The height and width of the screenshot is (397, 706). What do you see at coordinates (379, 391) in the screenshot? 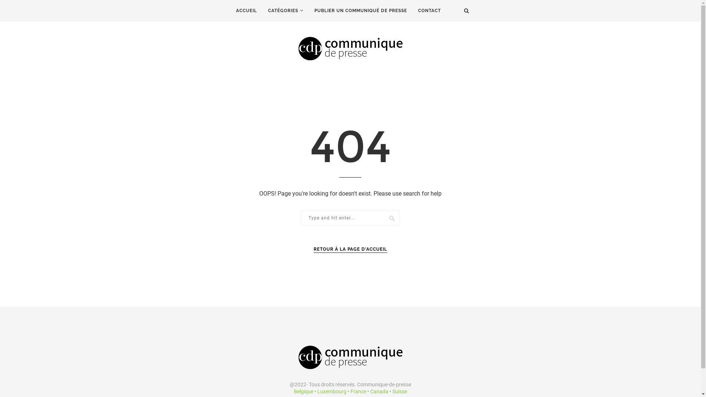
I see `'Canada'` at bounding box center [379, 391].